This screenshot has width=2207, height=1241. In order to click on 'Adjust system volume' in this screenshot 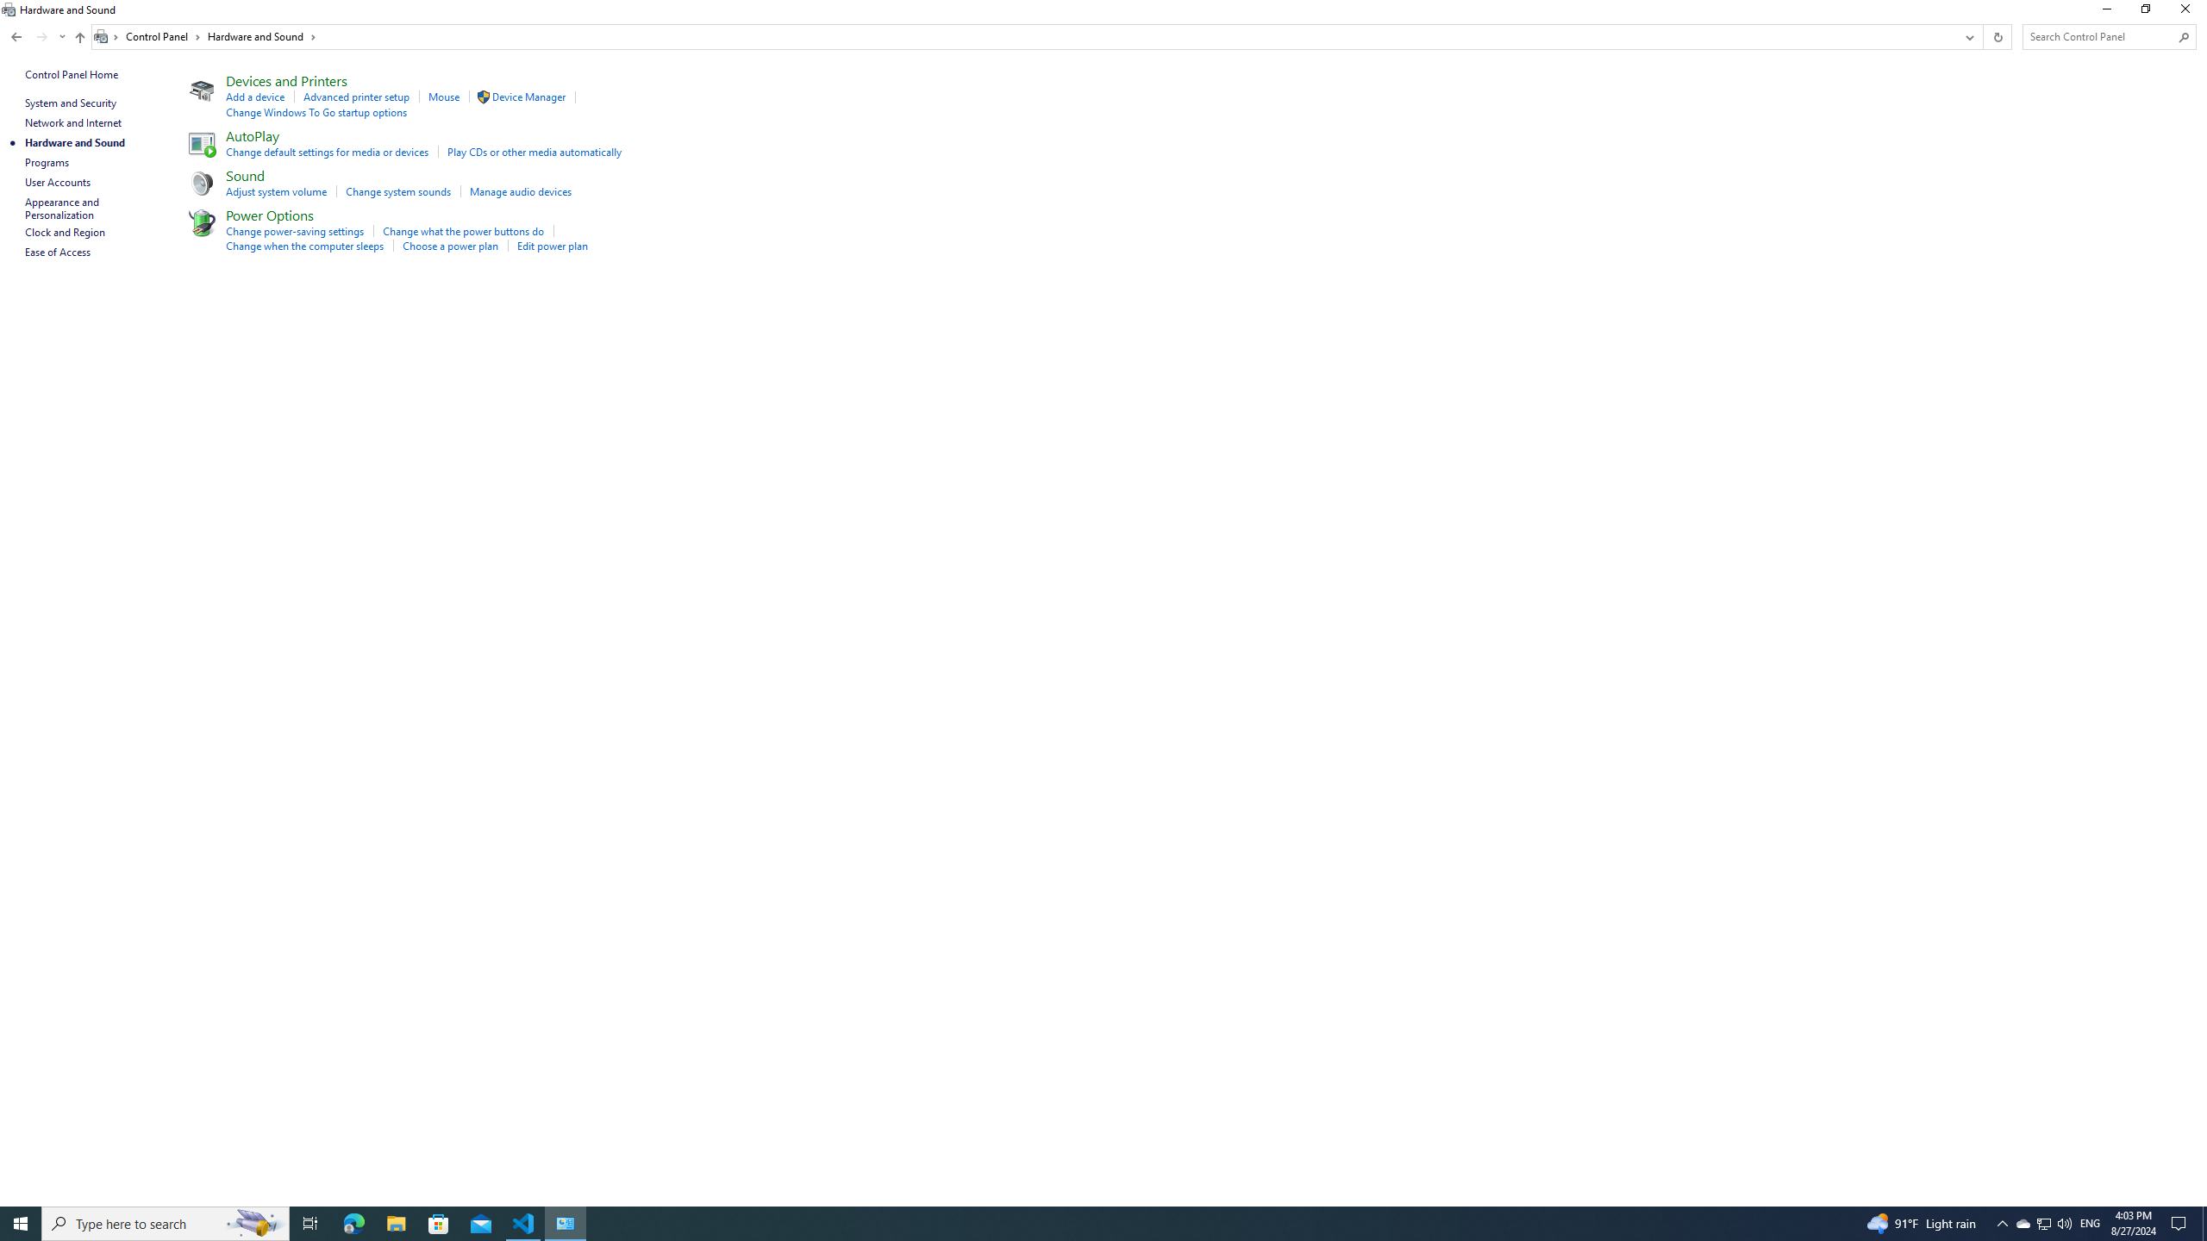, I will do `click(277, 191)`.